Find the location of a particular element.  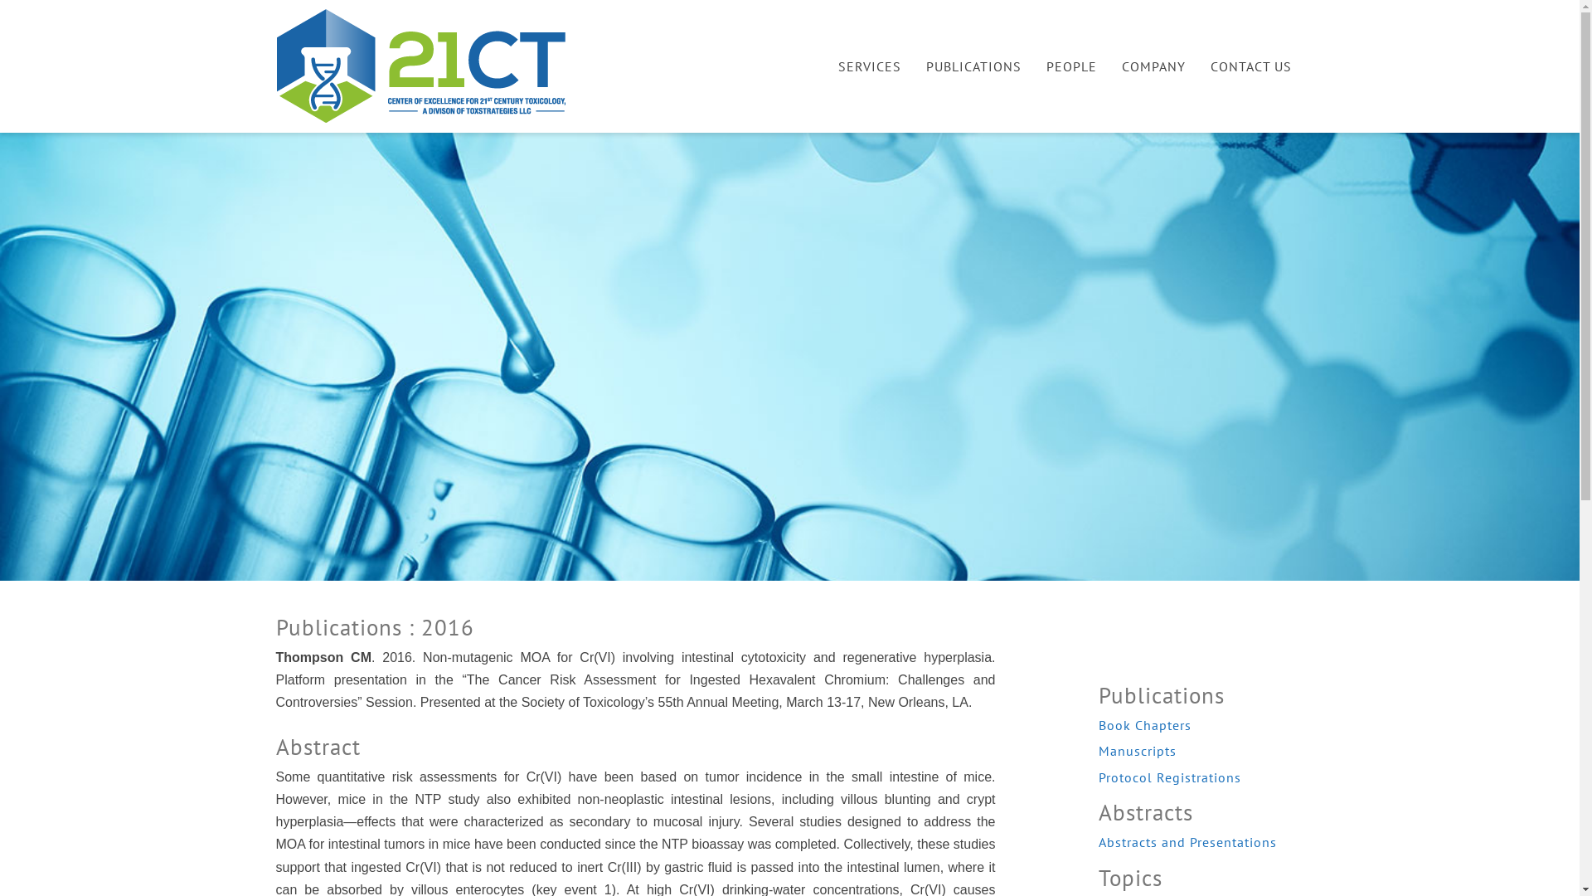

'PUBLICATIONS' is located at coordinates (973, 66).